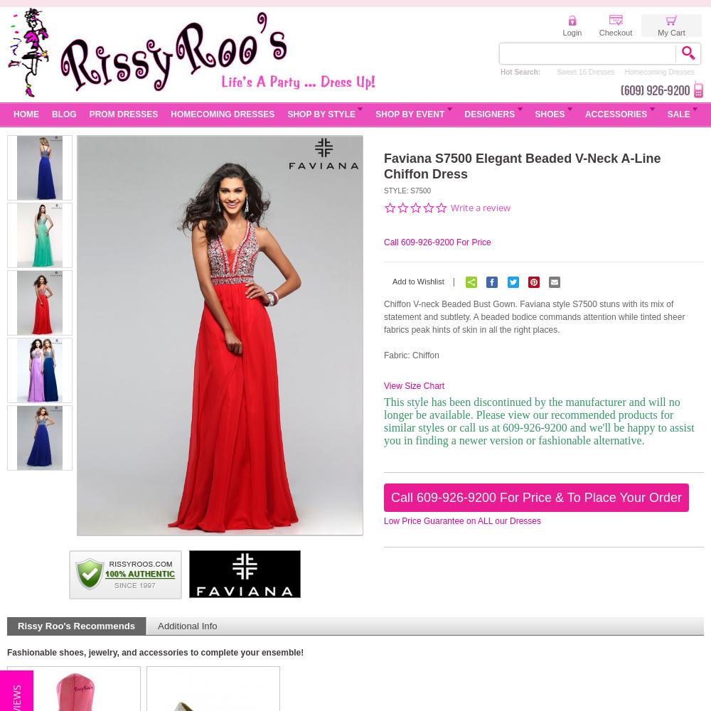 The image size is (711, 711). Describe the element at coordinates (410, 114) in the screenshot. I see `'Shop by Event'` at that location.